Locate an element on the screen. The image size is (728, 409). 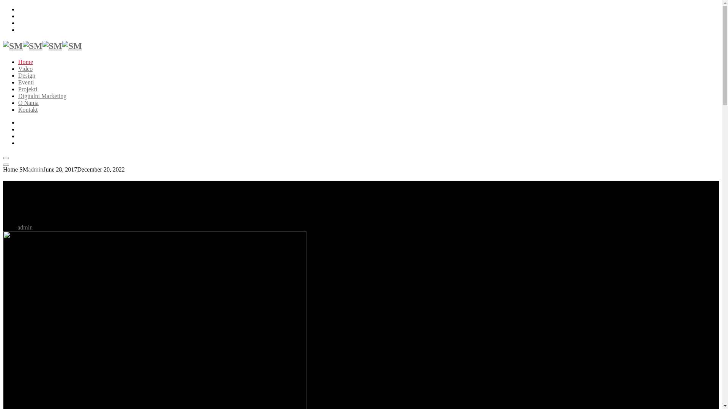
'O Nama' is located at coordinates (28, 103).